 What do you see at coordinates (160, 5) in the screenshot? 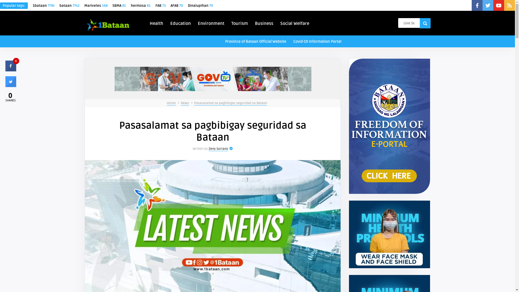
I see `'FAB 73'` at bounding box center [160, 5].